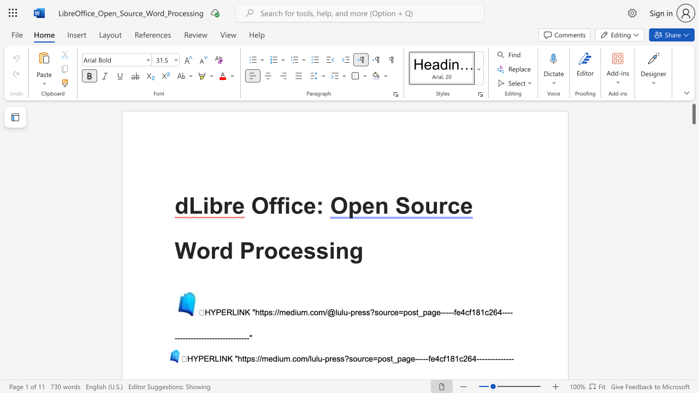 This screenshot has height=393, width=699. What do you see at coordinates (693, 246) in the screenshot?
I see `the scrollbar to move the page down` at bounding box center [693, 246].